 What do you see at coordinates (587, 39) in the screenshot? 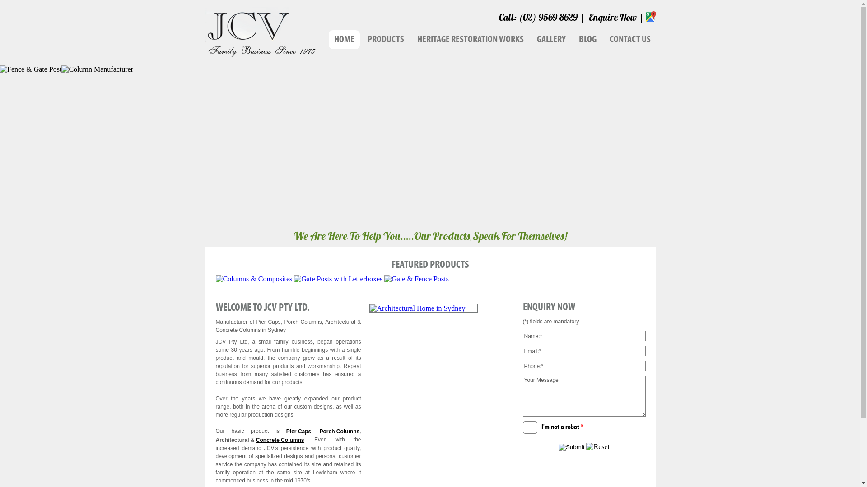
I see `'BLOG'` at bounding box center [587, 39].